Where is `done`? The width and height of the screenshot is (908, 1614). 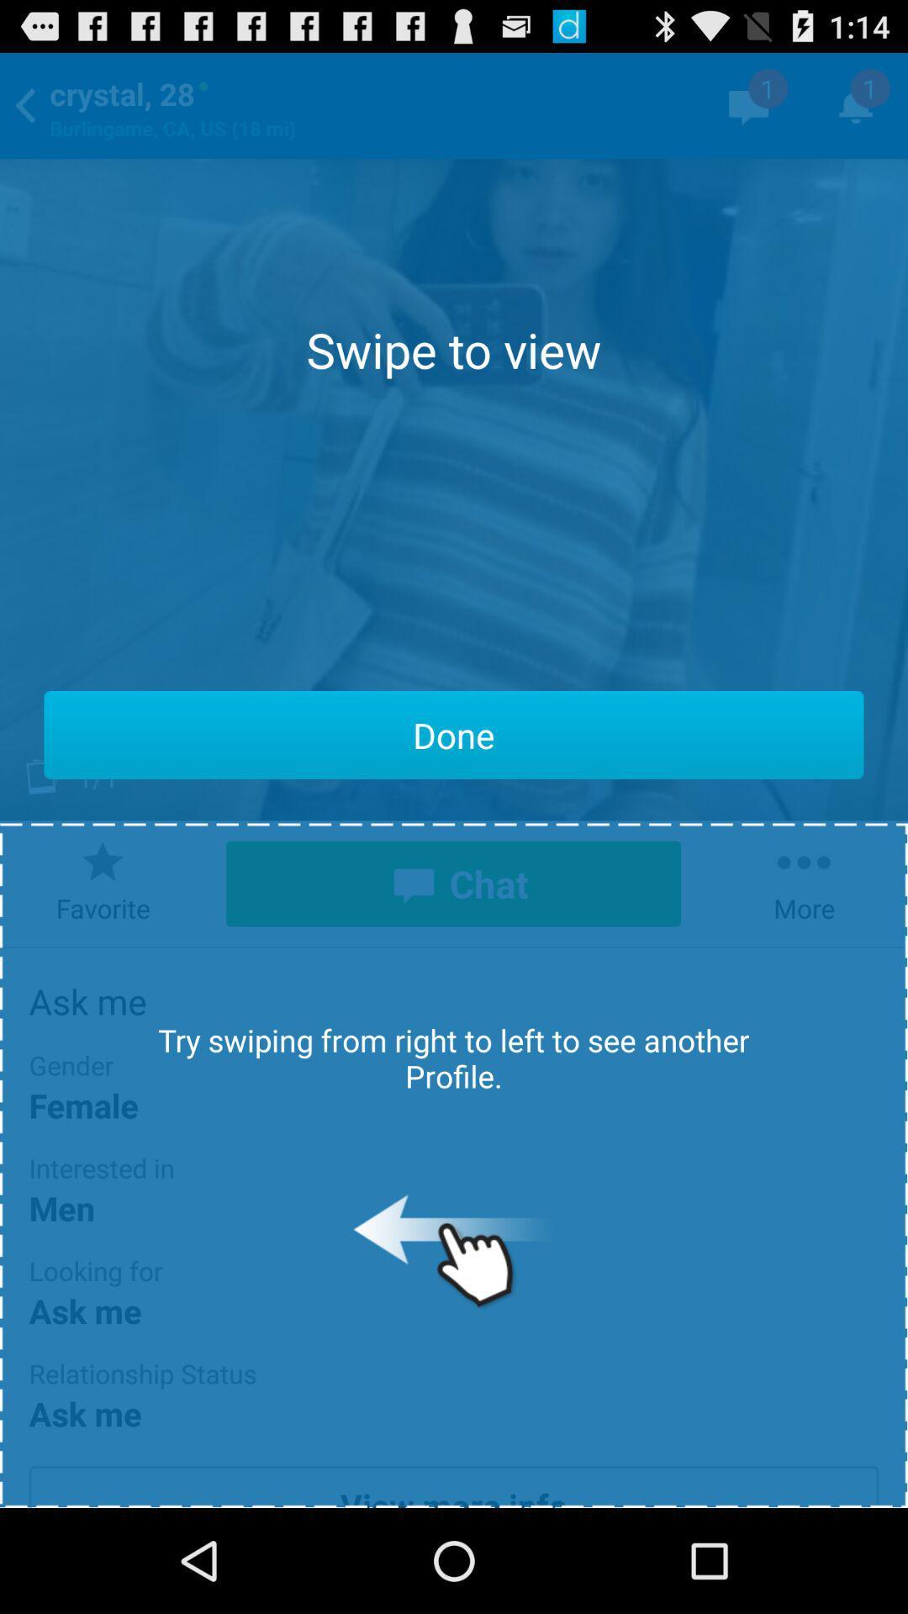
done is located at coordinates (454, 735).